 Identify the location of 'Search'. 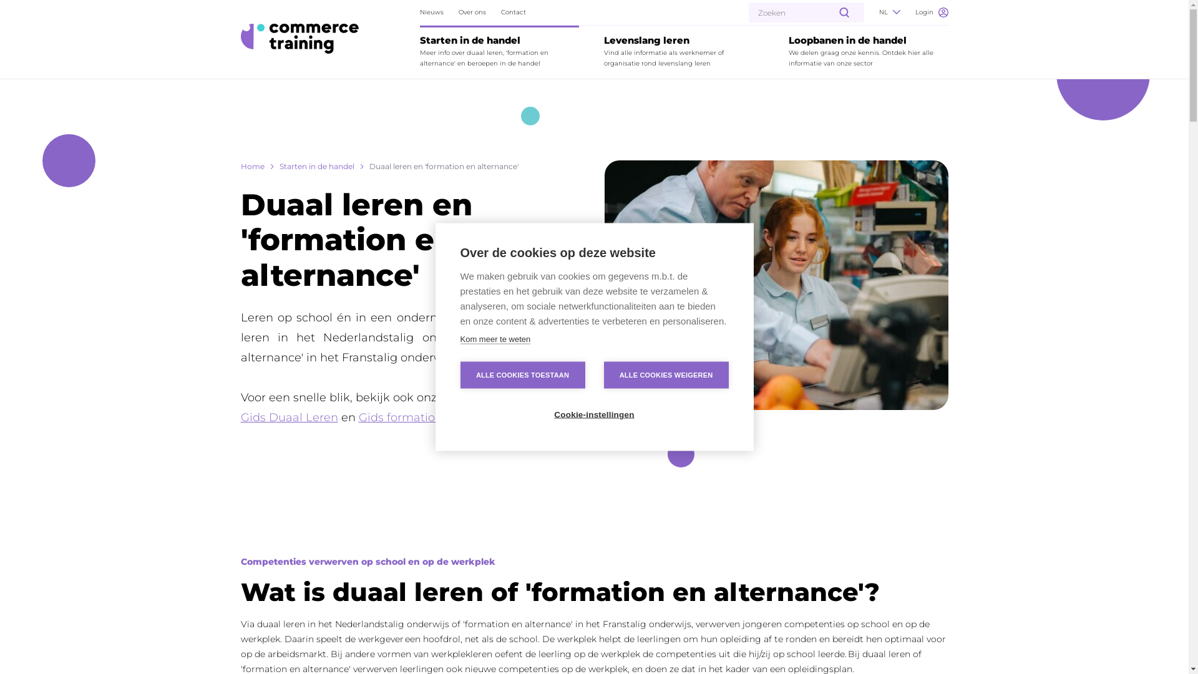
(32, 14).